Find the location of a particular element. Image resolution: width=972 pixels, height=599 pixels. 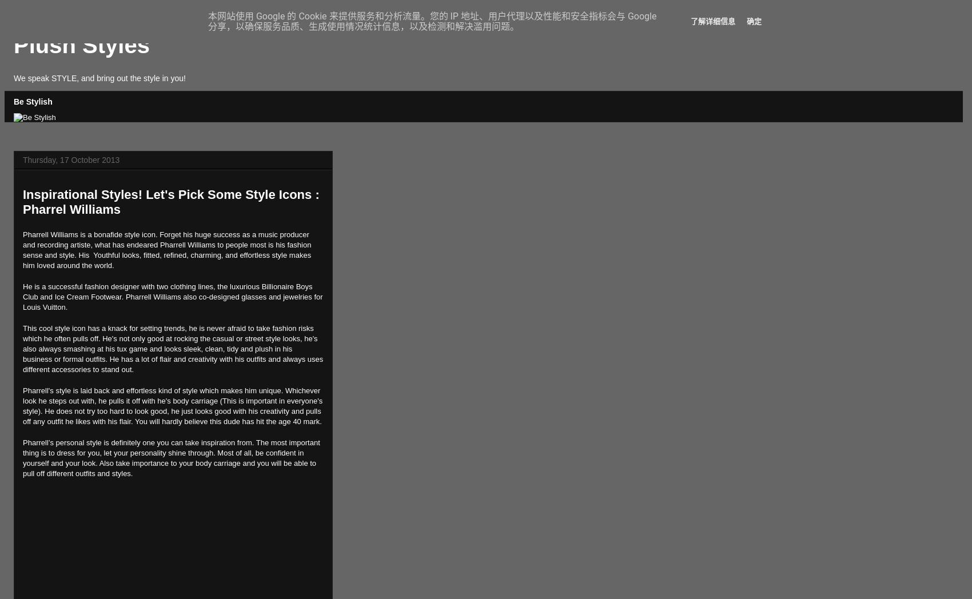

'He is a successful fashion designer with two clothing lines, the luxurious Billionaire Boys Club and Ice Cream Footwear. Pharrell Williams also co-designed glasses and jewelries for Louis Vuitton.' is located at coordinates (172, 296).